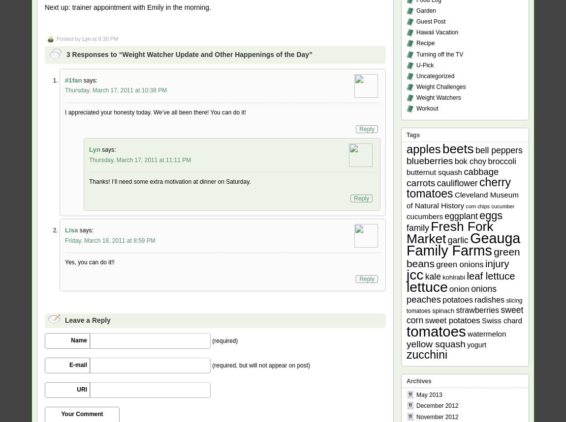  I want to click on 'kohlrabi', so click(453, 276).